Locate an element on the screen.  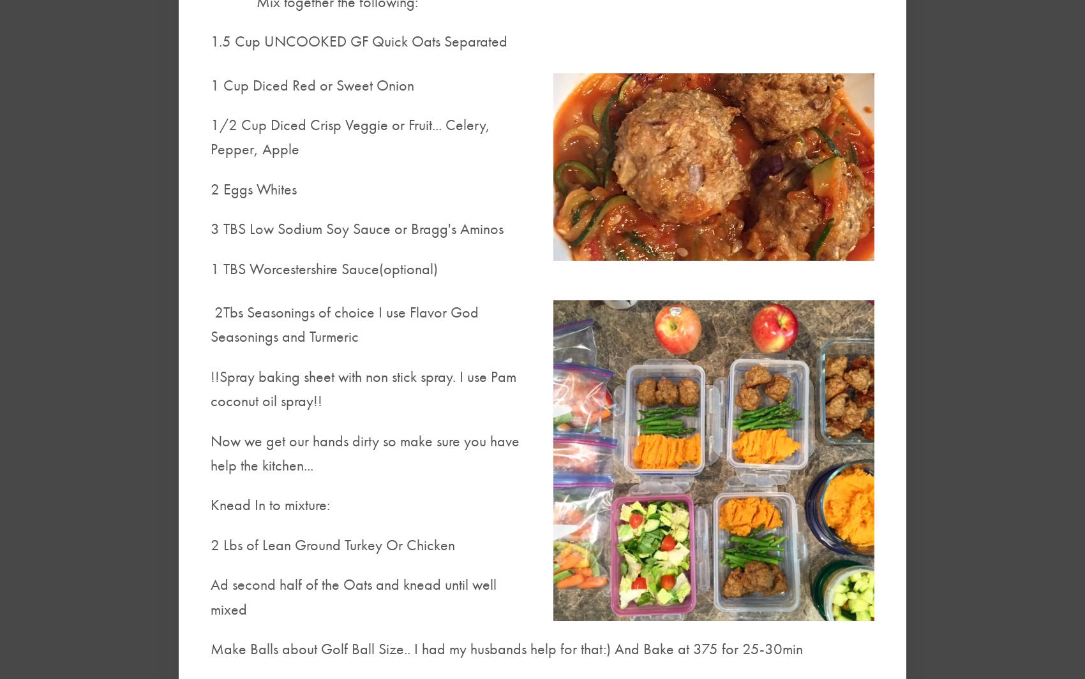
'Now we get our hands dirty so make sure you have help the kitchen...' is located at coordinates (364, 452).